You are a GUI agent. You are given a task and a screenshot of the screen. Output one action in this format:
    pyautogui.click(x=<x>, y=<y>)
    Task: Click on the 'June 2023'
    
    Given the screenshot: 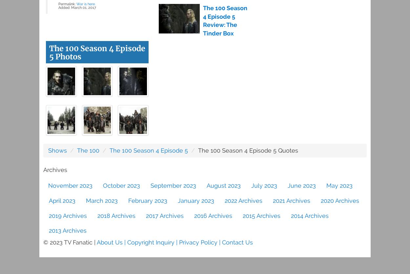 What is the action you would take?
    pyautogui.click(x=302, y=185)
    